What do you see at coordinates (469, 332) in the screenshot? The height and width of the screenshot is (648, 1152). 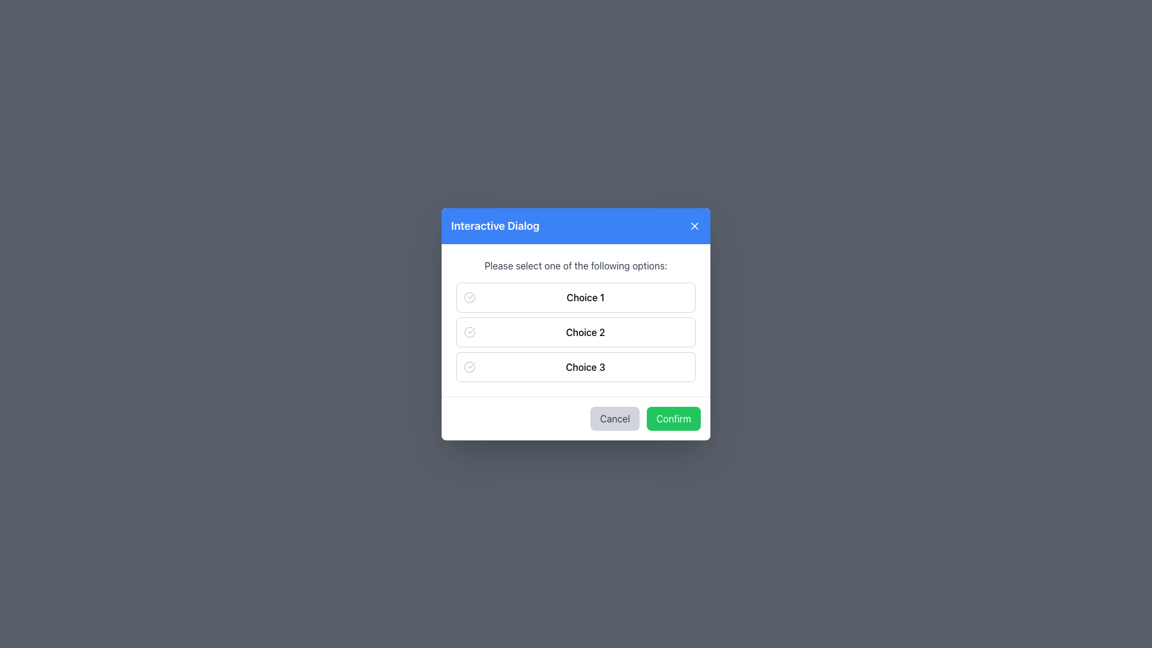 I see `the checkmark icon within a circle located to the left of the 'Choice 2' text in the centered dialog box` at bounding box center [469, 332].